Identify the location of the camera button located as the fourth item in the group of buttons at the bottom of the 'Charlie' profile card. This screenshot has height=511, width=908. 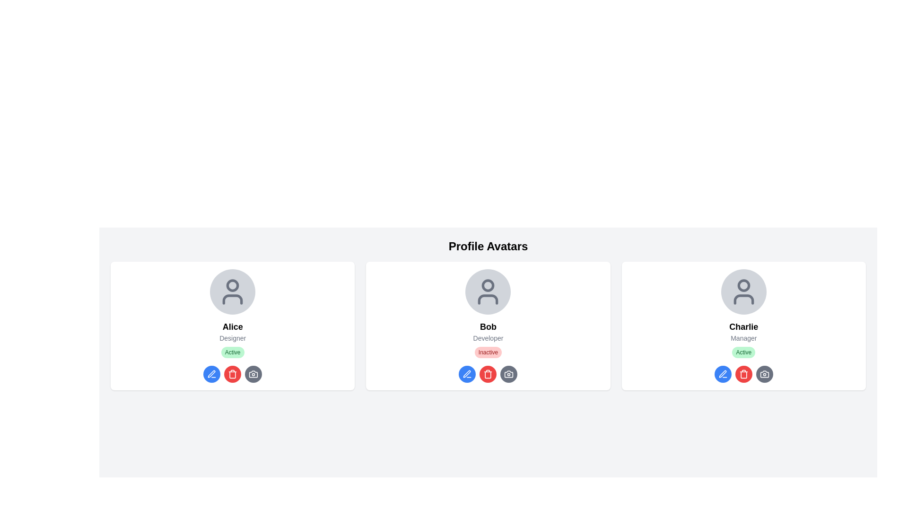
(764, 373).